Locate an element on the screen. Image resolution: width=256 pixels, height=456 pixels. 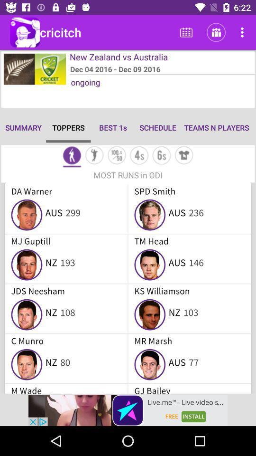
icon button is located at coordinates (94, 156).